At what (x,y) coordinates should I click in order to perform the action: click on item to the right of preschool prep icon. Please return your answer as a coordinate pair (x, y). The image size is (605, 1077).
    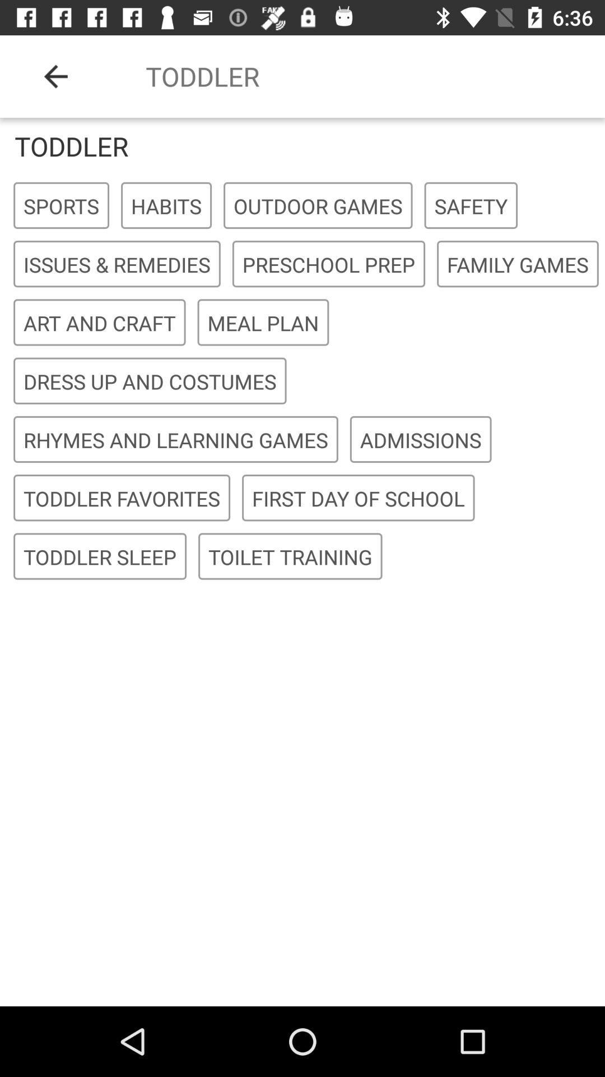
    Looking at the image, I should click on (518, 264).